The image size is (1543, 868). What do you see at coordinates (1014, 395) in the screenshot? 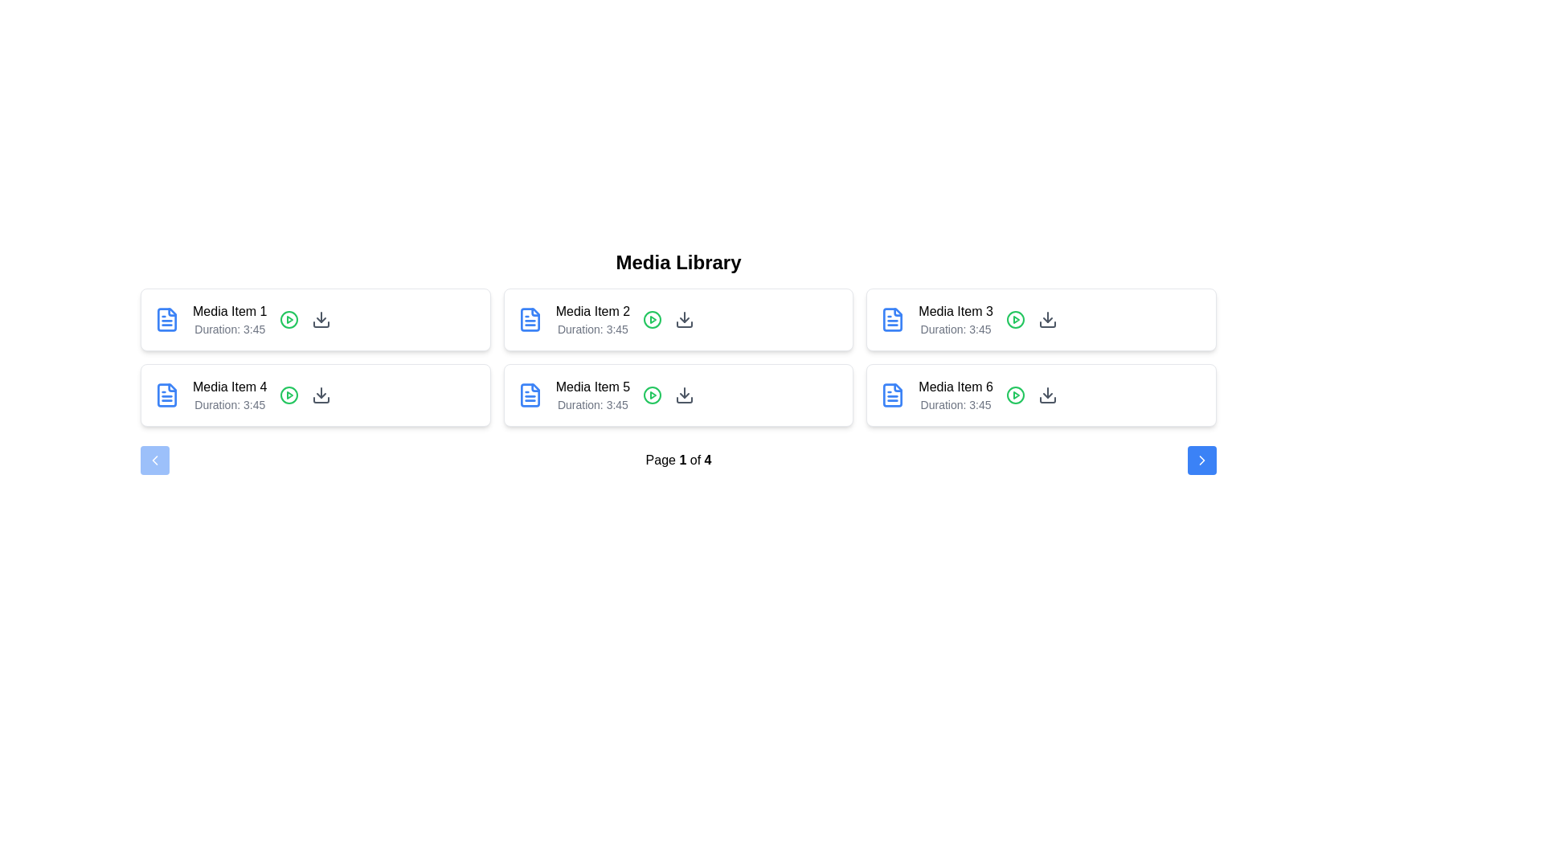
I see `the play button for 'Media Item 6'` at bounding box center [1014, 395].